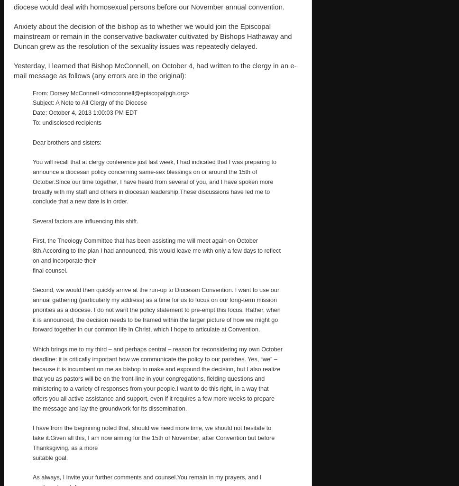 This screenshot has height=486, width=459. What do you see at coordinates (152, 36) in the screenshot?
I see `'Anxiety about the decision of the bishop as to whether we would join the Episcopal mainstream or remain in the conservative backwater cultivated by Bishops Hathaway and Duncan grew as the resolution of the sexuality issues was repeatedly delayed.'` at bounding box center [152, 36].